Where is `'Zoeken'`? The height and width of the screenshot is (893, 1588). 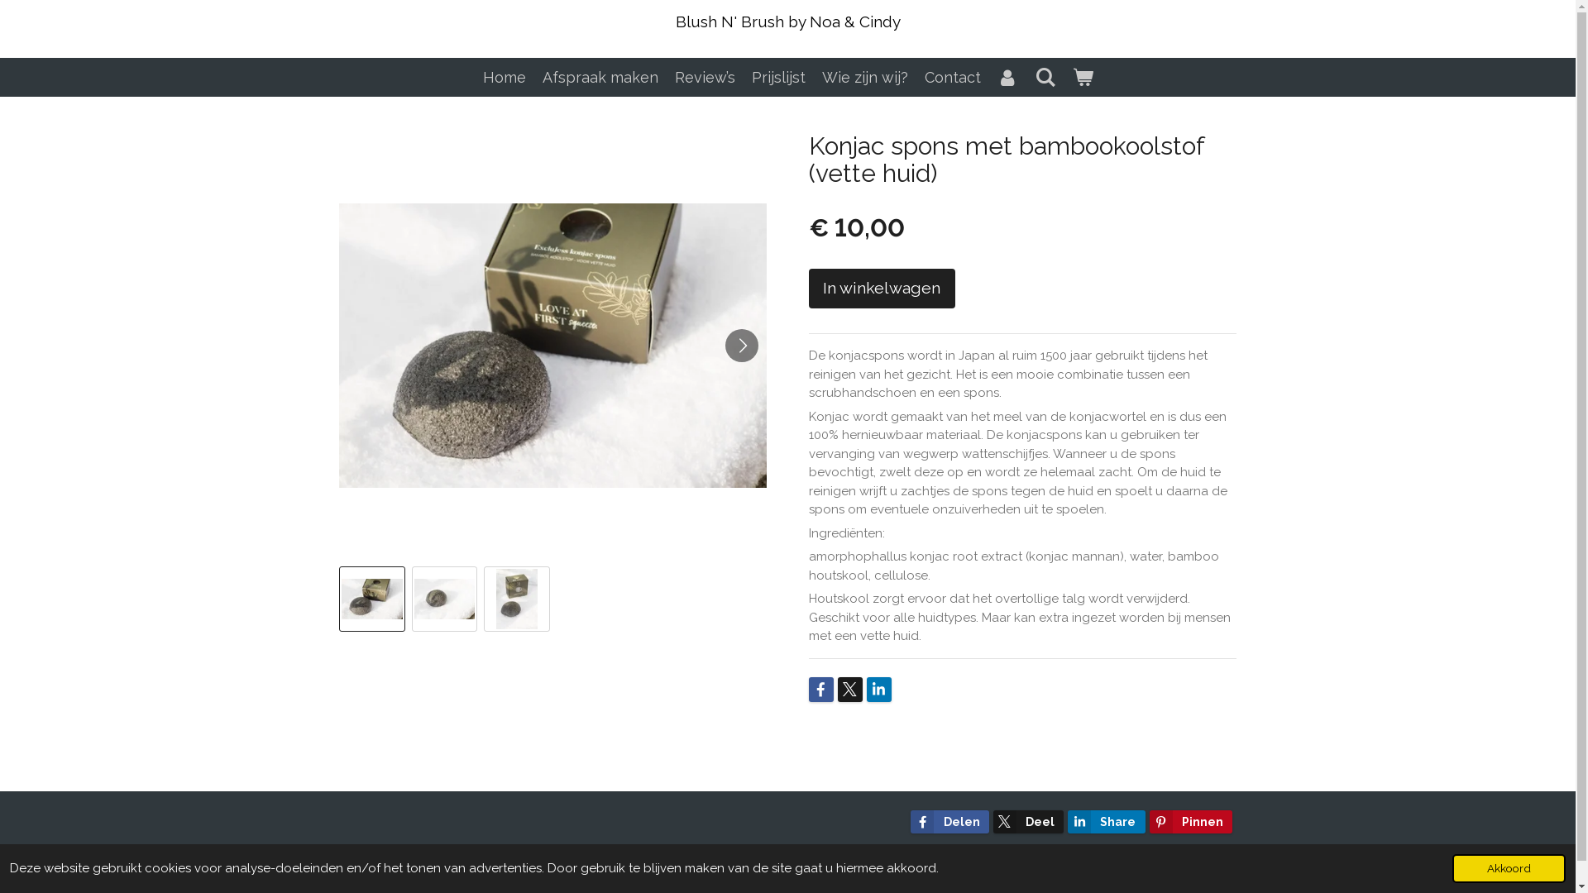 'Zoeken' is located at coordinates (1044, 77).